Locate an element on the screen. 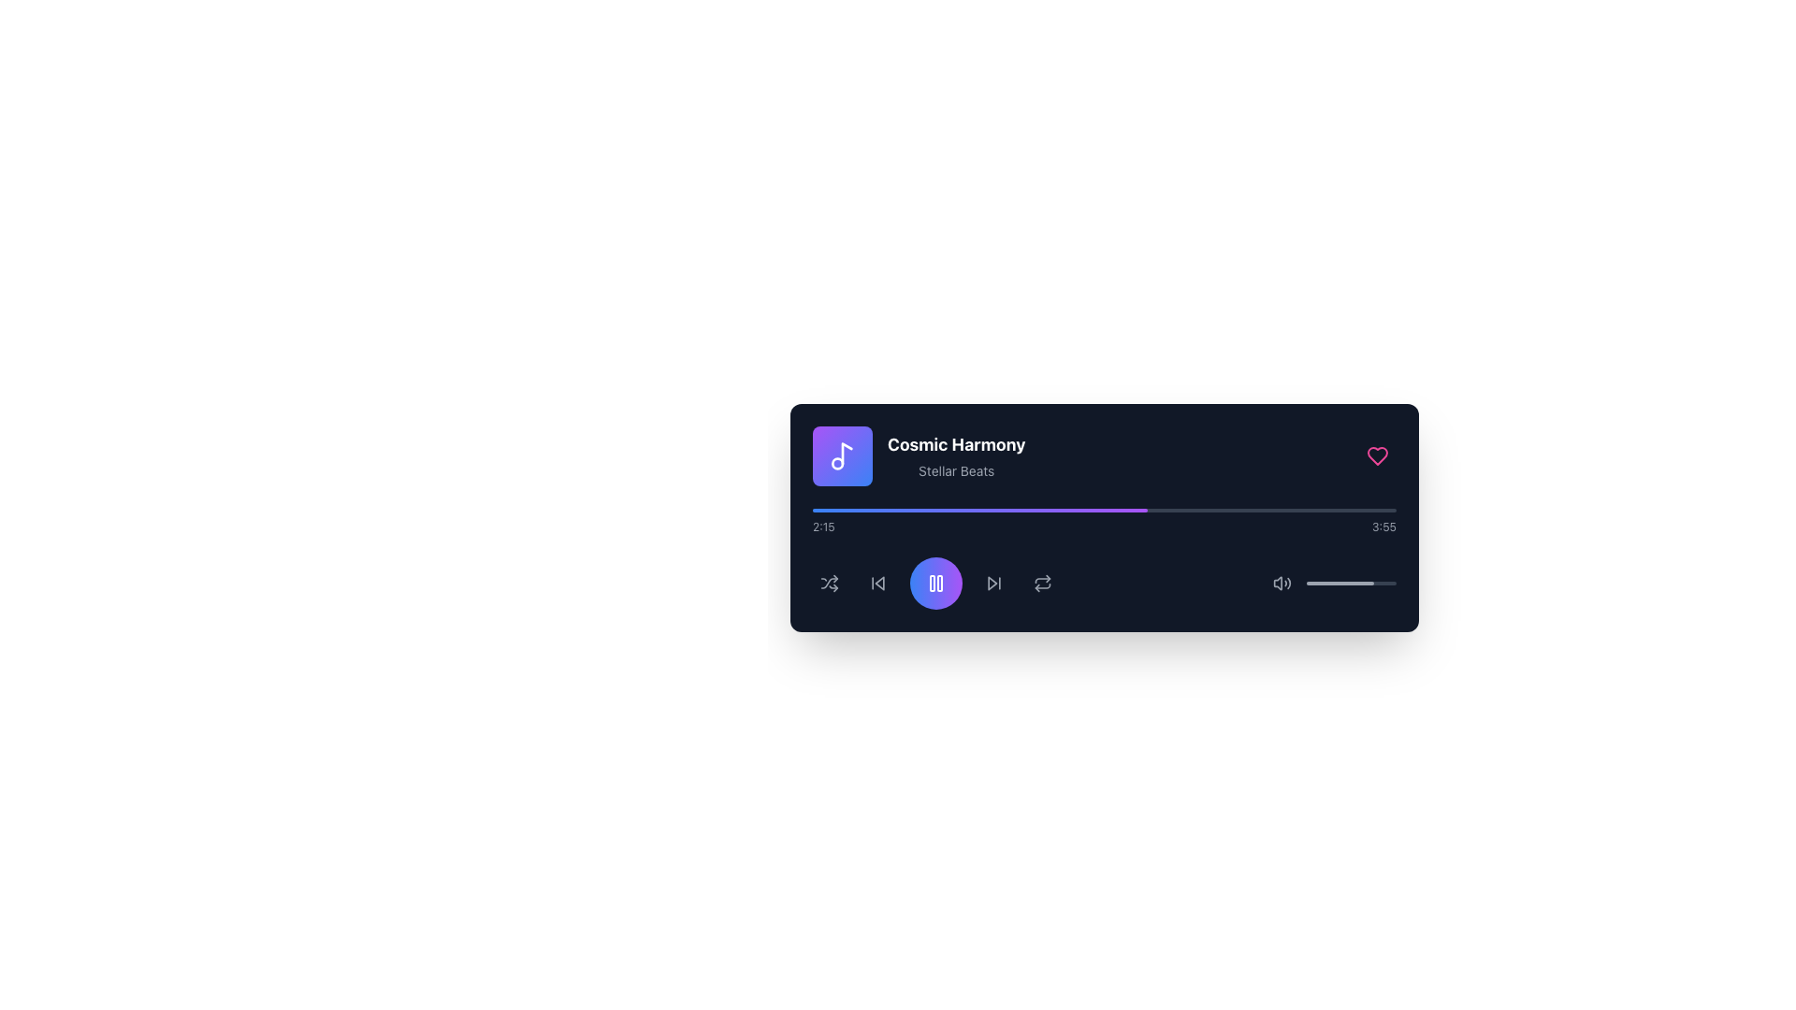 This screenshot has width=1796, height=1010. the small circular dot element that is part of the music-related icon located in the lower-left corner of the icon is located at coordinates (836, 463).